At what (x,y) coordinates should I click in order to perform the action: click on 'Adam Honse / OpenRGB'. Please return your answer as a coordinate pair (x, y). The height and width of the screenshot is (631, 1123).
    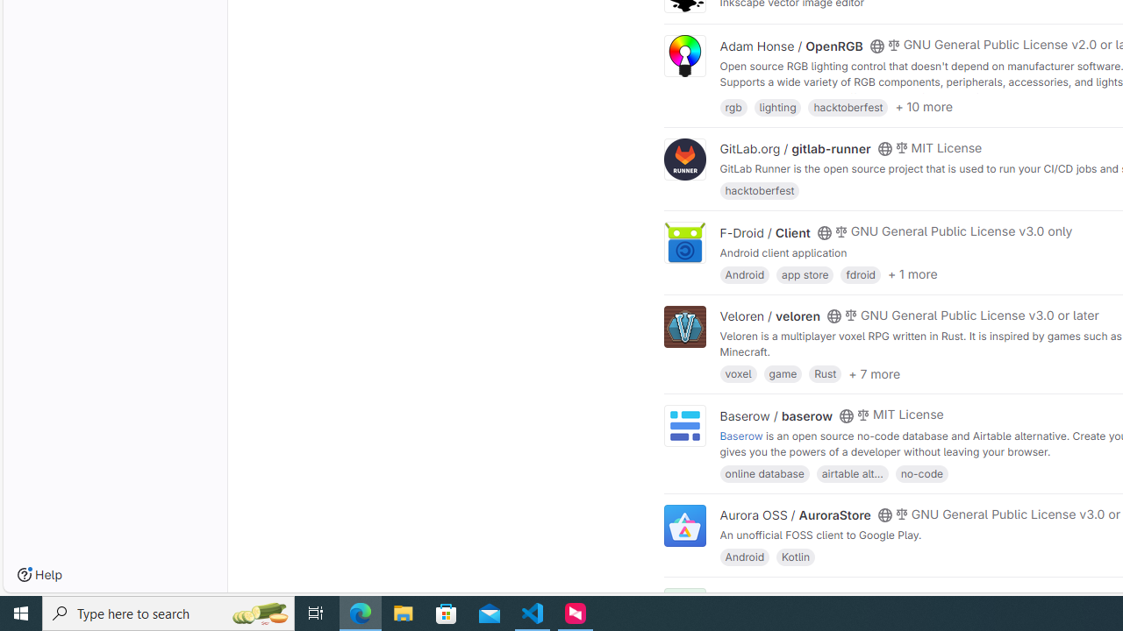
    Looking at the image, I should click on (790, 45).